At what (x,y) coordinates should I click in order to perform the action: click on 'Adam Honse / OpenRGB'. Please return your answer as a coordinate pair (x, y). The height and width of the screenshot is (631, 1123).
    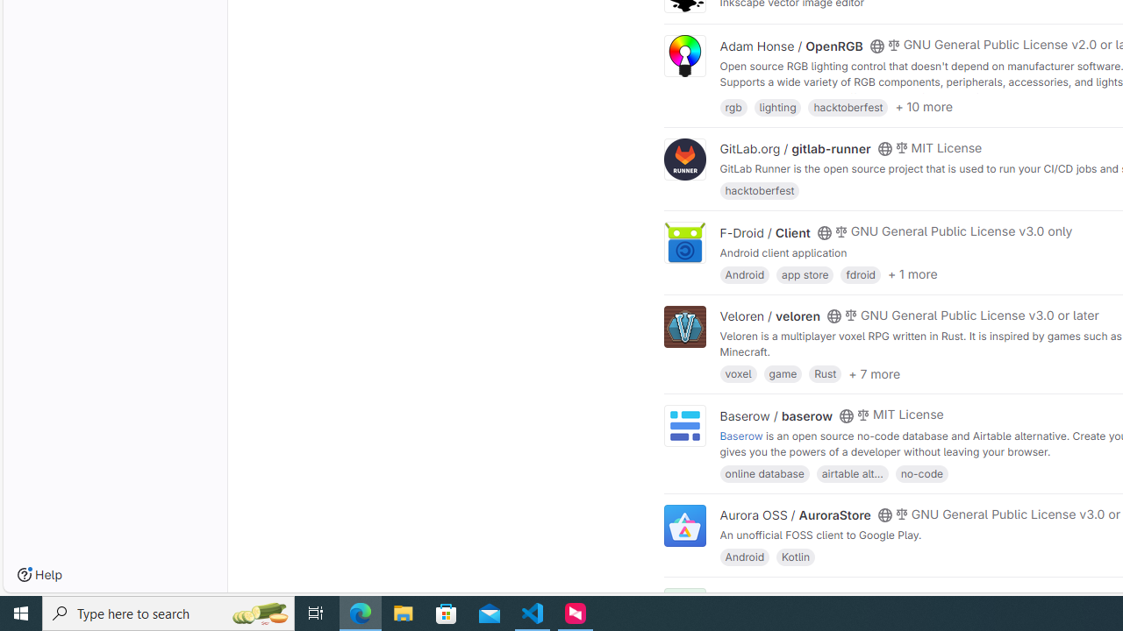
    Looking at the image, I should click on (790, 45).